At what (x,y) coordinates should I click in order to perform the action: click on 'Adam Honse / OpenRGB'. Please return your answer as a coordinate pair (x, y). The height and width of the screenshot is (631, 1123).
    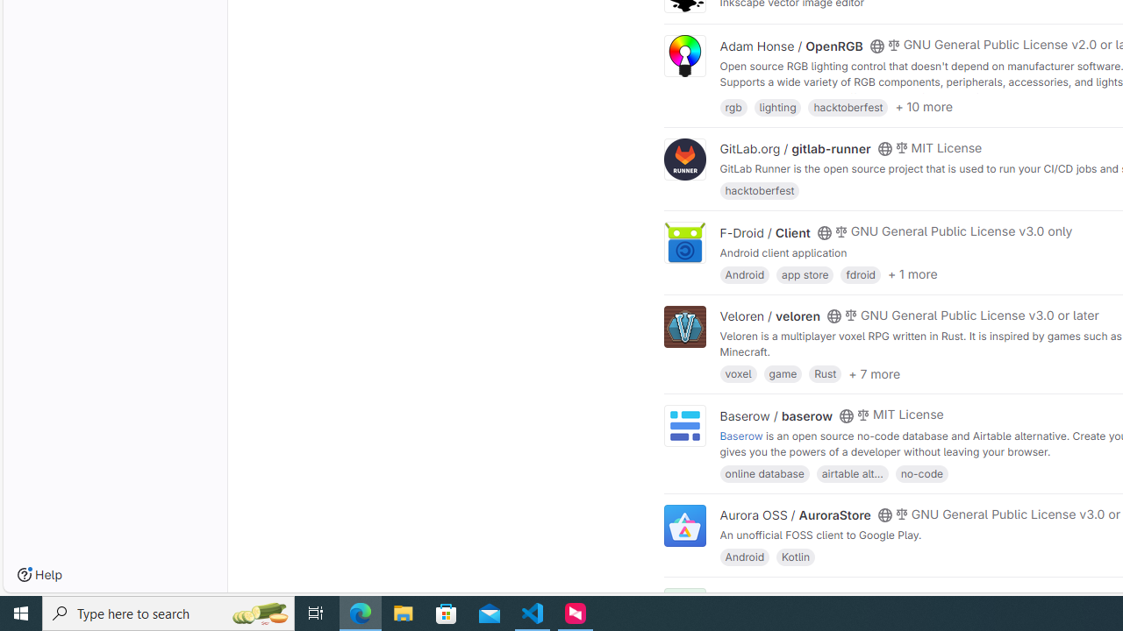
    Looking at the image, I should click on (790, 45).